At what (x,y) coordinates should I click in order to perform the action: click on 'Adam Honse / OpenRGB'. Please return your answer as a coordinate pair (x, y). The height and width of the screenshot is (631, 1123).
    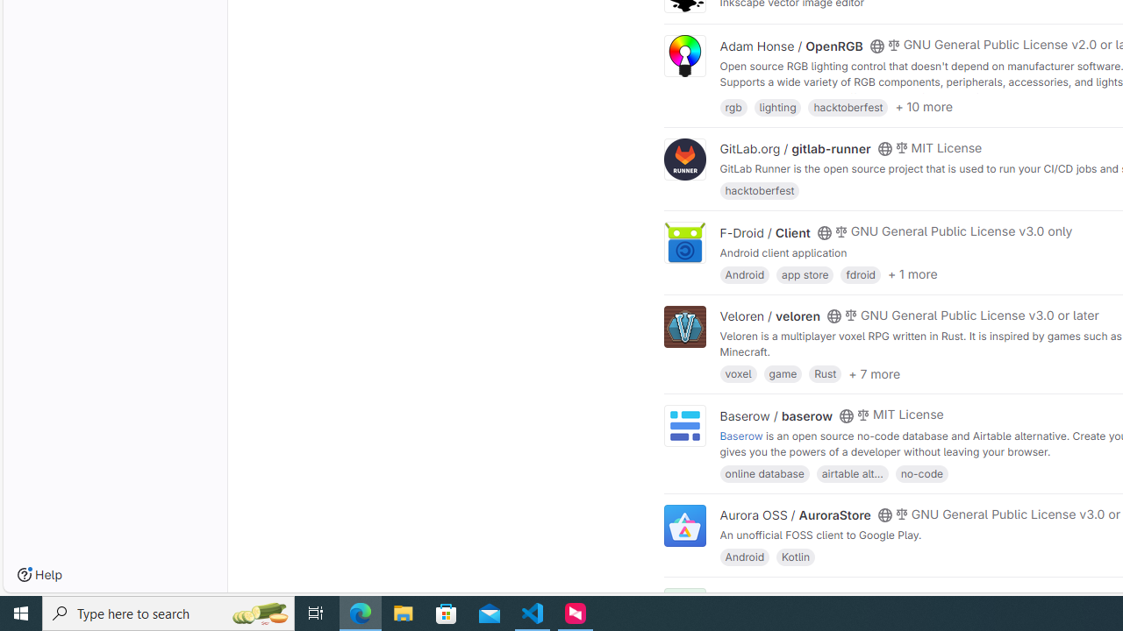
    Looking at the image, I should click on (790, 45).